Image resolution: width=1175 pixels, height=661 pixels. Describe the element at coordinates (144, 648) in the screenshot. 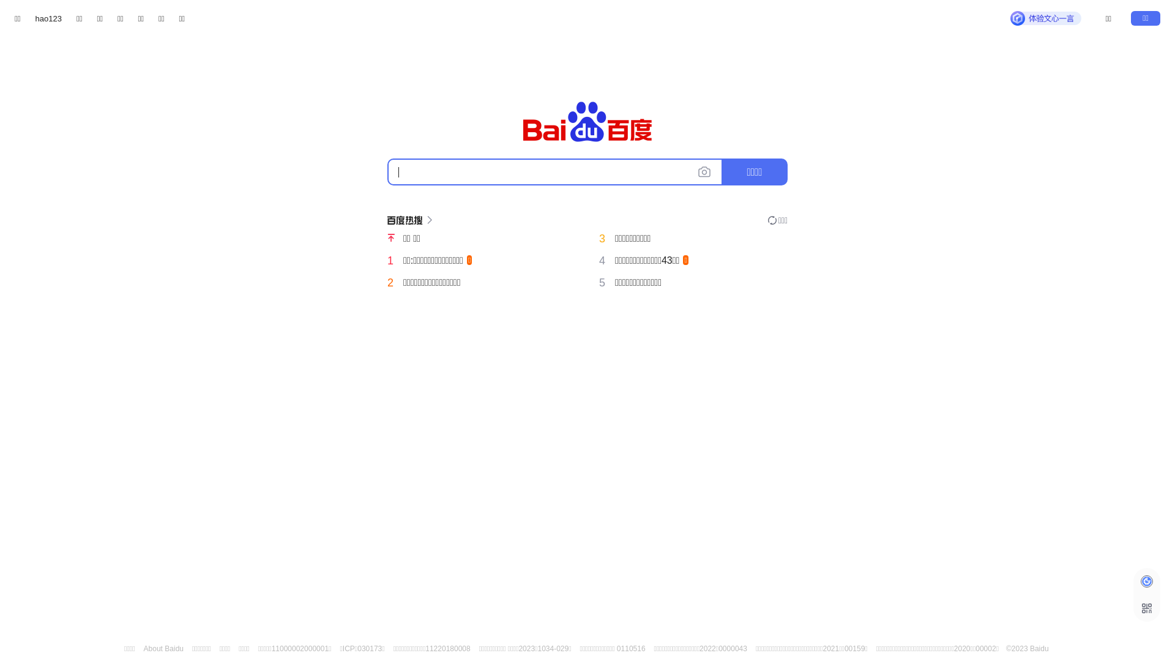

I see `'About Baidu'` at that location.